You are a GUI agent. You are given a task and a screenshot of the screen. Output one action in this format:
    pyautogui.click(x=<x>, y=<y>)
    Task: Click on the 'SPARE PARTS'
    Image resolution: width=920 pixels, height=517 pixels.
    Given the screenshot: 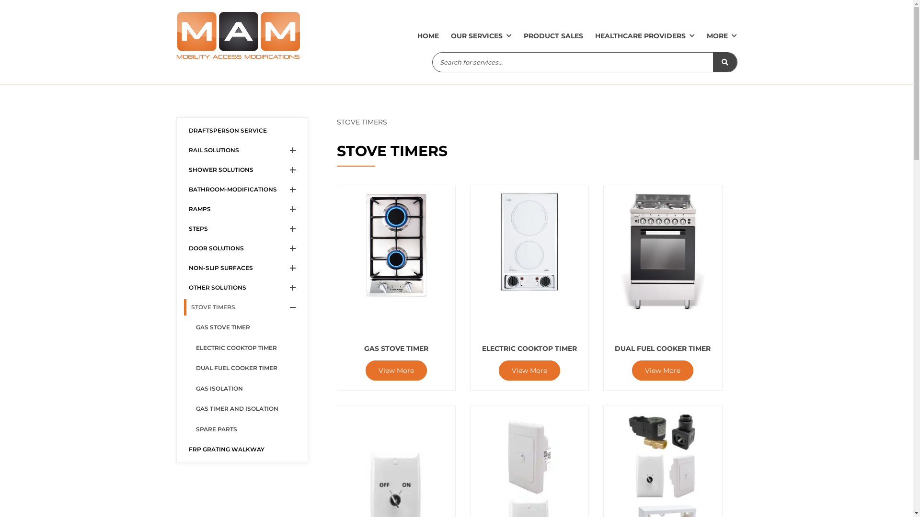 What is the action you would take?
    pyautogui.click(x=191, y=429)
    